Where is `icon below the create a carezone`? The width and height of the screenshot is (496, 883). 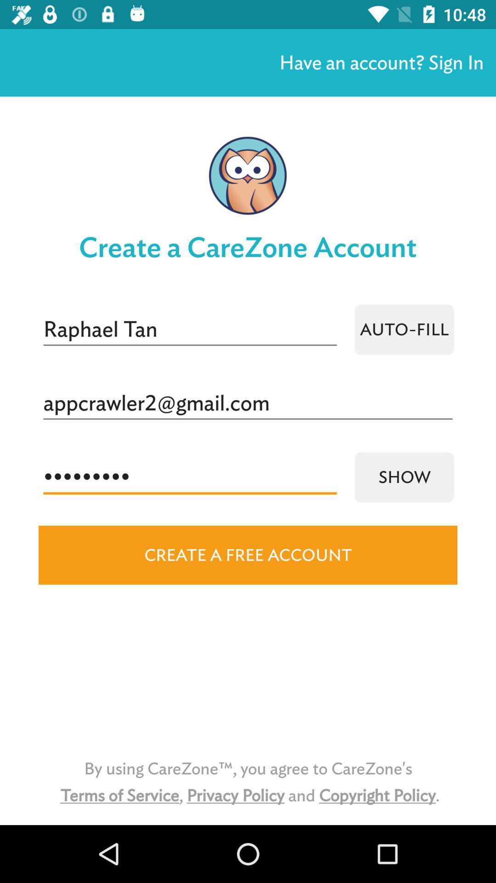 icon below the create a carezone is located at coordinates (189, 329).